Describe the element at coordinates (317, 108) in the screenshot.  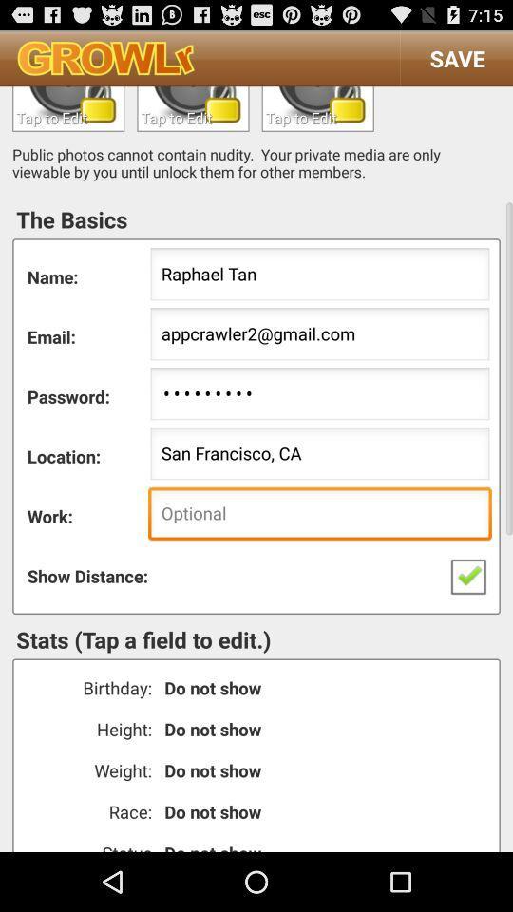
I see `text box for work` at that location.